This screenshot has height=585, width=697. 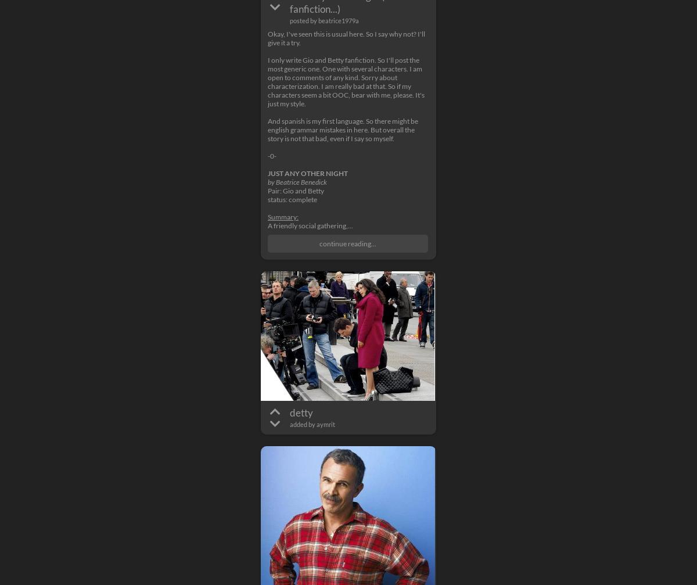 What do you see at coordinates (282, 217) in the screenshot?
I see `'Summary:'` at bounding box center [282, 217].